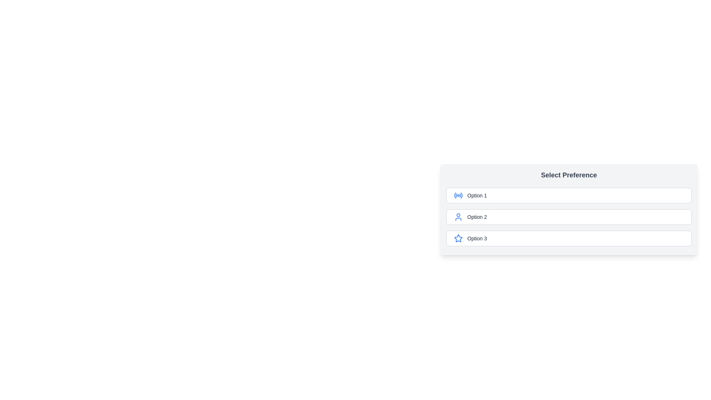  Describe the element at coordinates (477, 195) in the screenshot. I see `the text label displaying 'Option 1'` at that location.